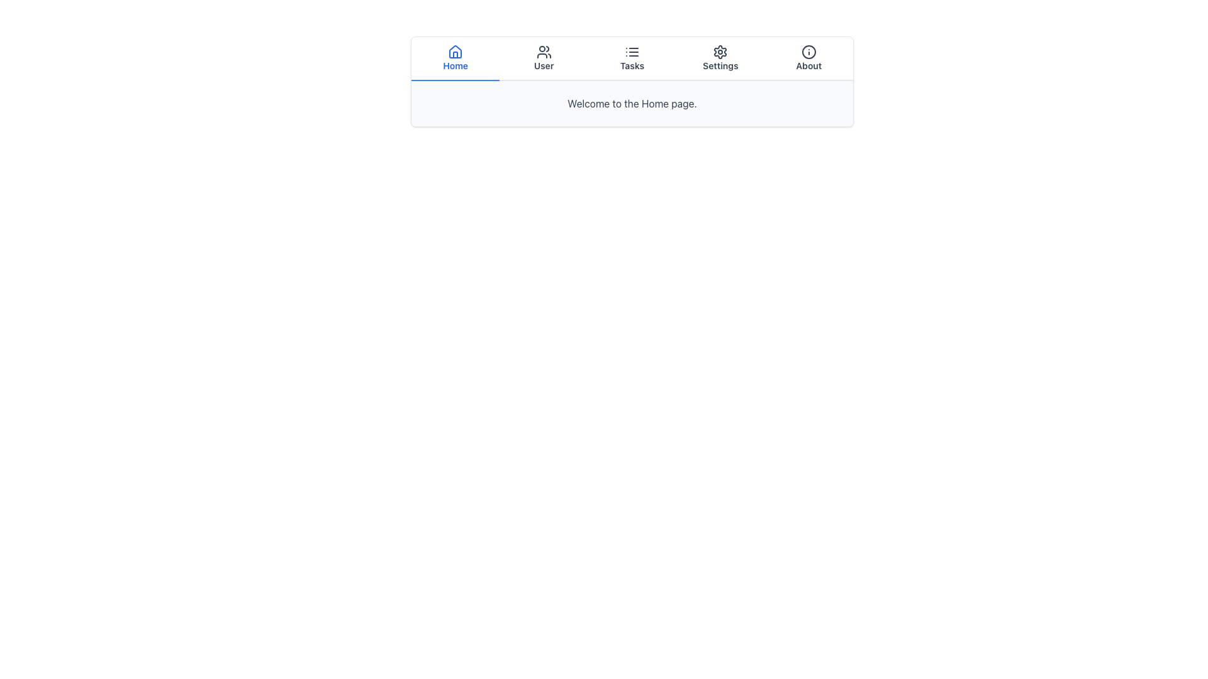 The height and width of the screenshot is (679, 1208). I want to click on the 'Users' icon, which features two user figures and is located in the second slot of the horizontal navigation bar, so click(544, 52).